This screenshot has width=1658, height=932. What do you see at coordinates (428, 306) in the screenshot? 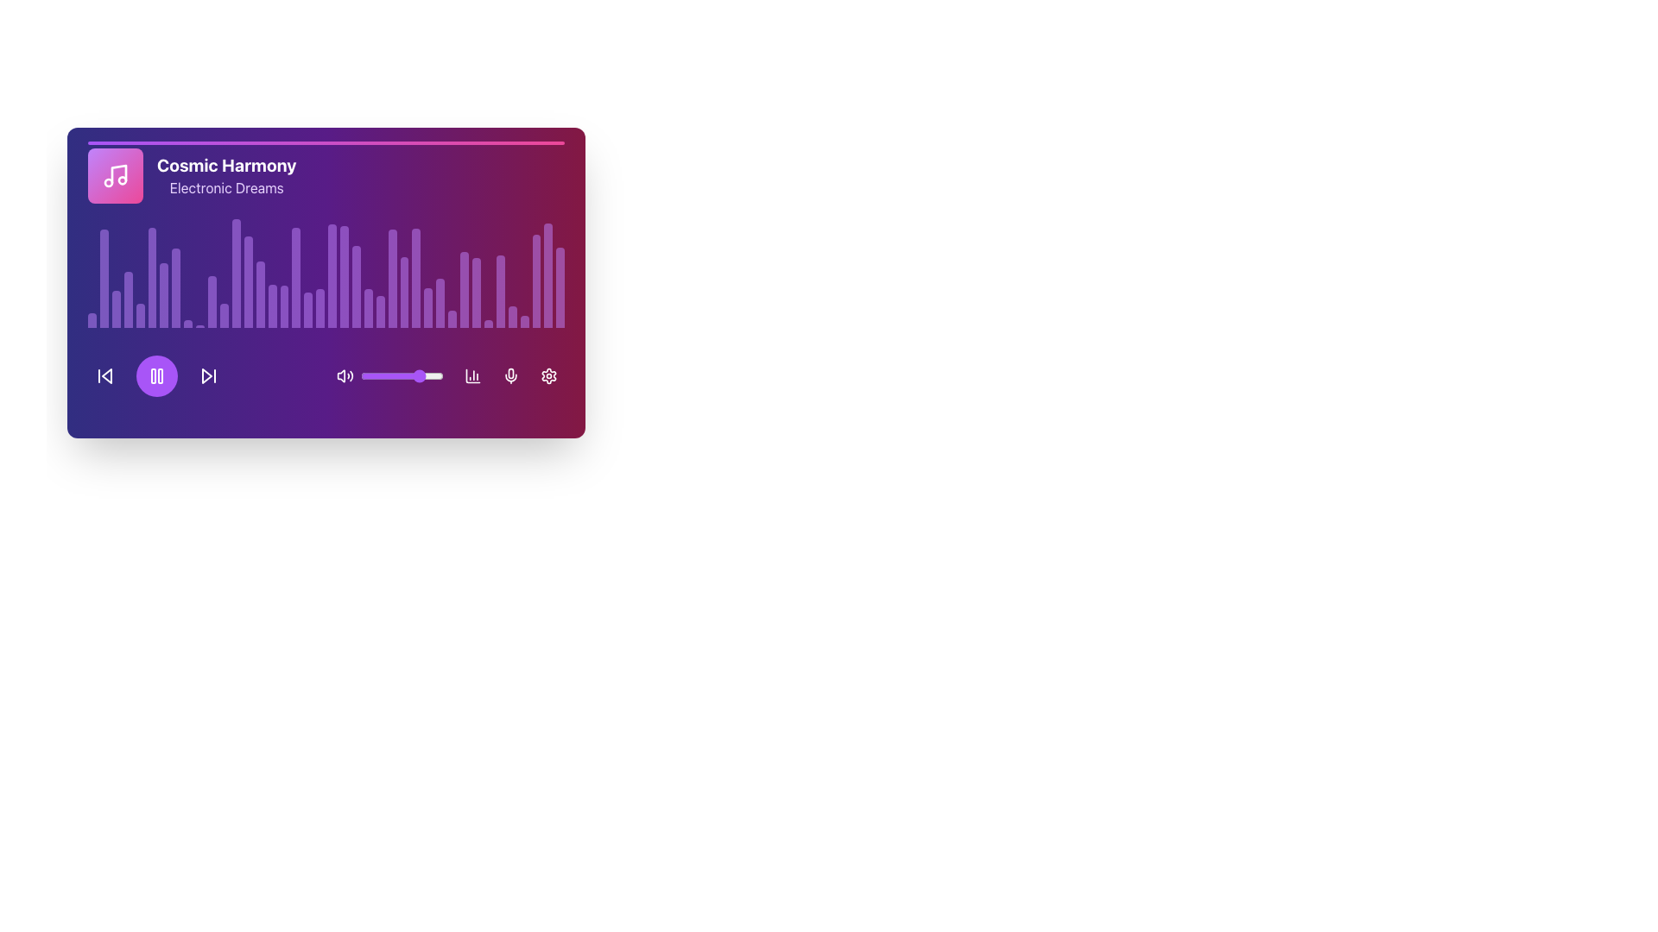
I see `the 27th vertical purple-tinted graph bar in the series of bars` at bounding box center [428, 306].